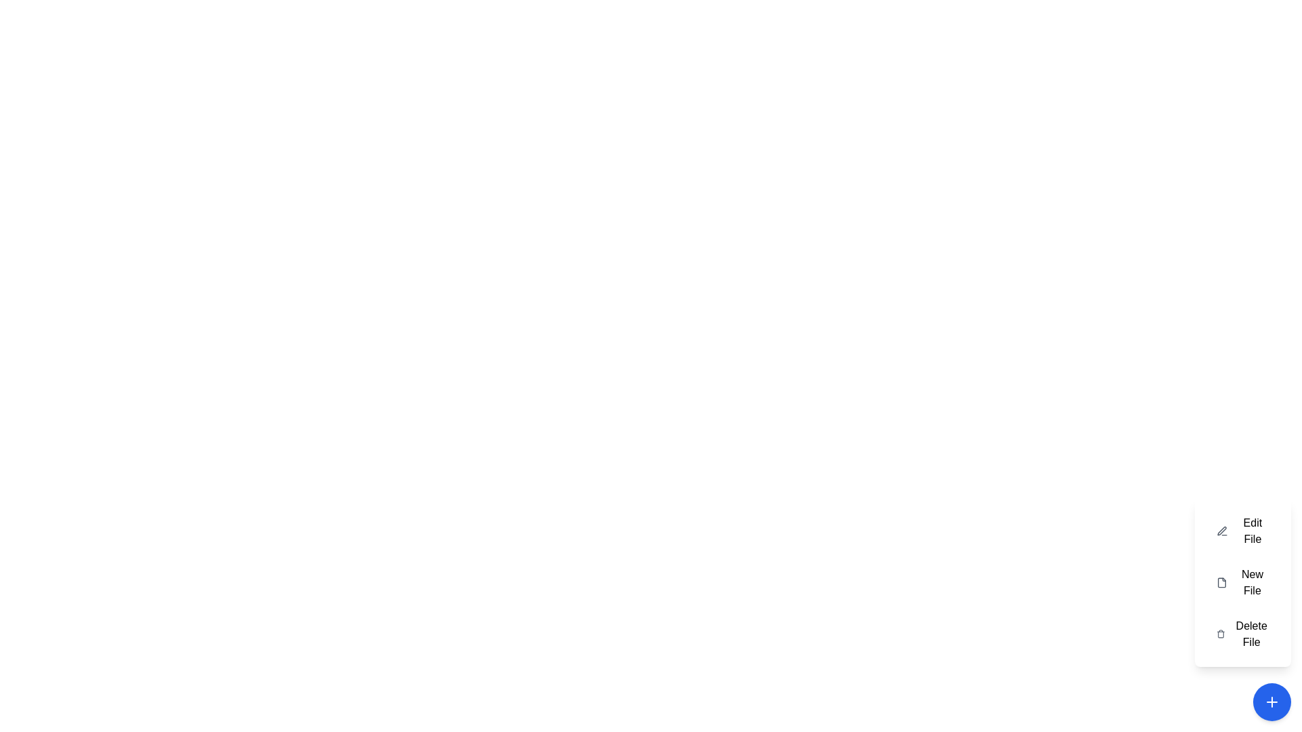 This screenshot has height=732, width=1302. Describe the element at coordinates (1221, 634) in the screenshot. I see `on the delete icon located at the bottom of the 'Delete File' section in the vertical menu, preceding the 'Delete File' label` at that location.